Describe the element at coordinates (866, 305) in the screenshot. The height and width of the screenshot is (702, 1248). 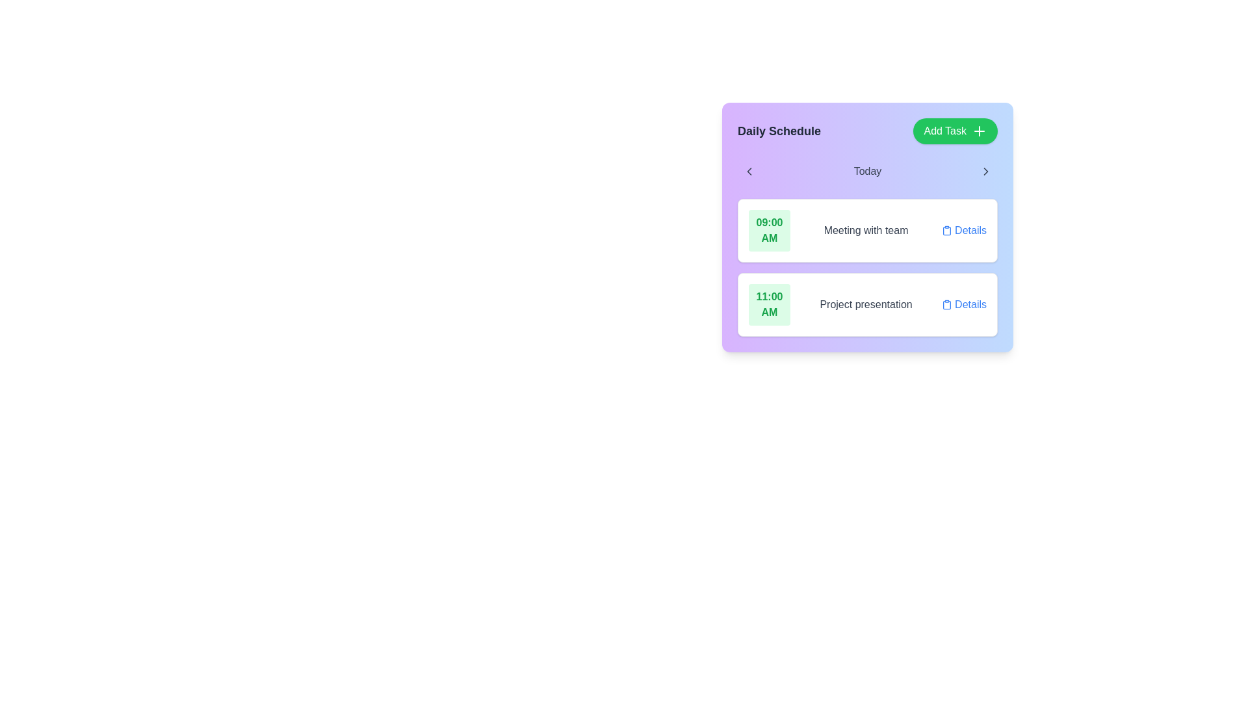
I see `the Text Label that describes the scheduled activity, which is located to the right of the green time label ('11:00 AM') and to the left of the blue 'Details' link` at that location.